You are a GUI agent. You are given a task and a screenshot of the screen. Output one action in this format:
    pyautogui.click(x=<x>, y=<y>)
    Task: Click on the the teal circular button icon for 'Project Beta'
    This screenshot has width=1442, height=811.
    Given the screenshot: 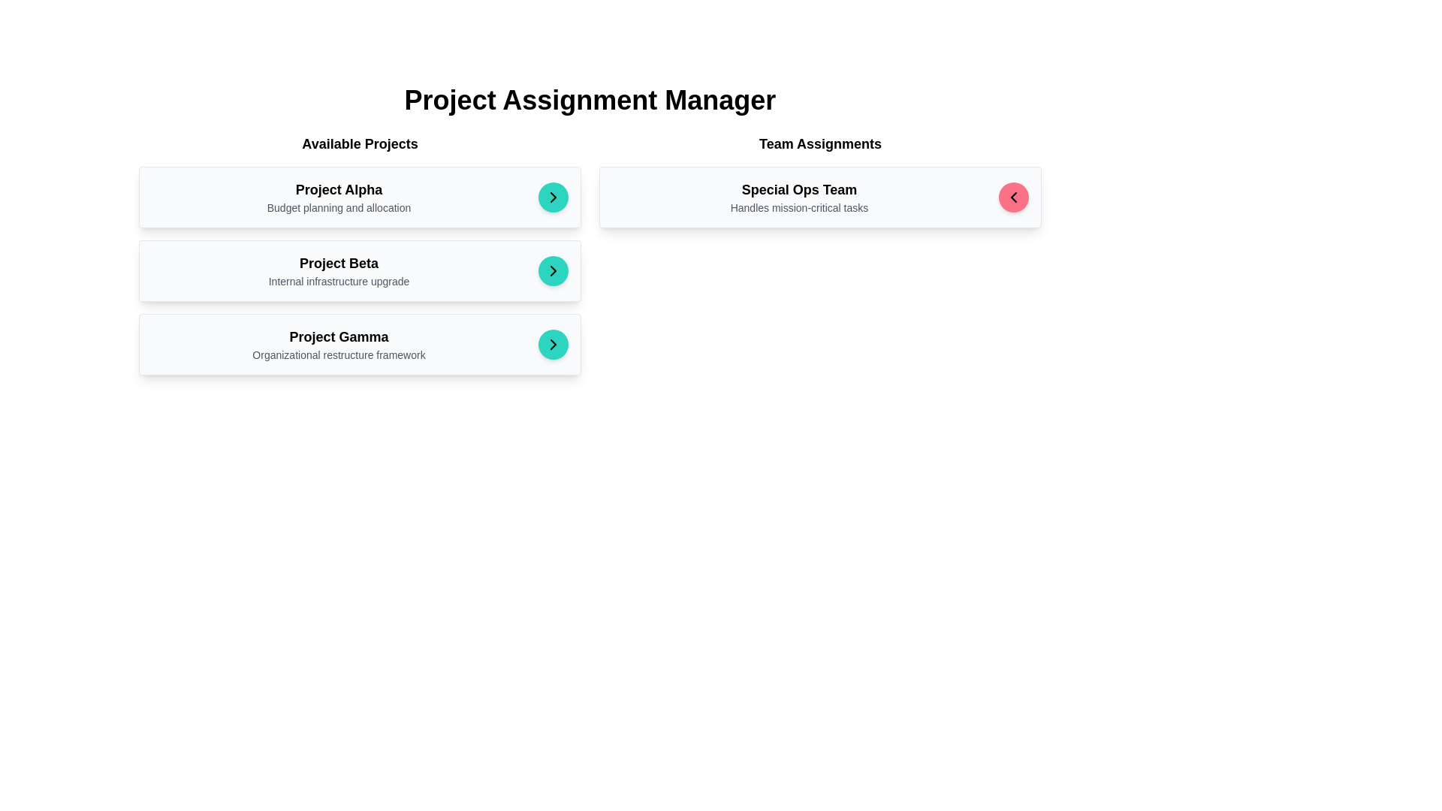 What is the action you would take?
    pyautogui.click(x=553, y=271)
    